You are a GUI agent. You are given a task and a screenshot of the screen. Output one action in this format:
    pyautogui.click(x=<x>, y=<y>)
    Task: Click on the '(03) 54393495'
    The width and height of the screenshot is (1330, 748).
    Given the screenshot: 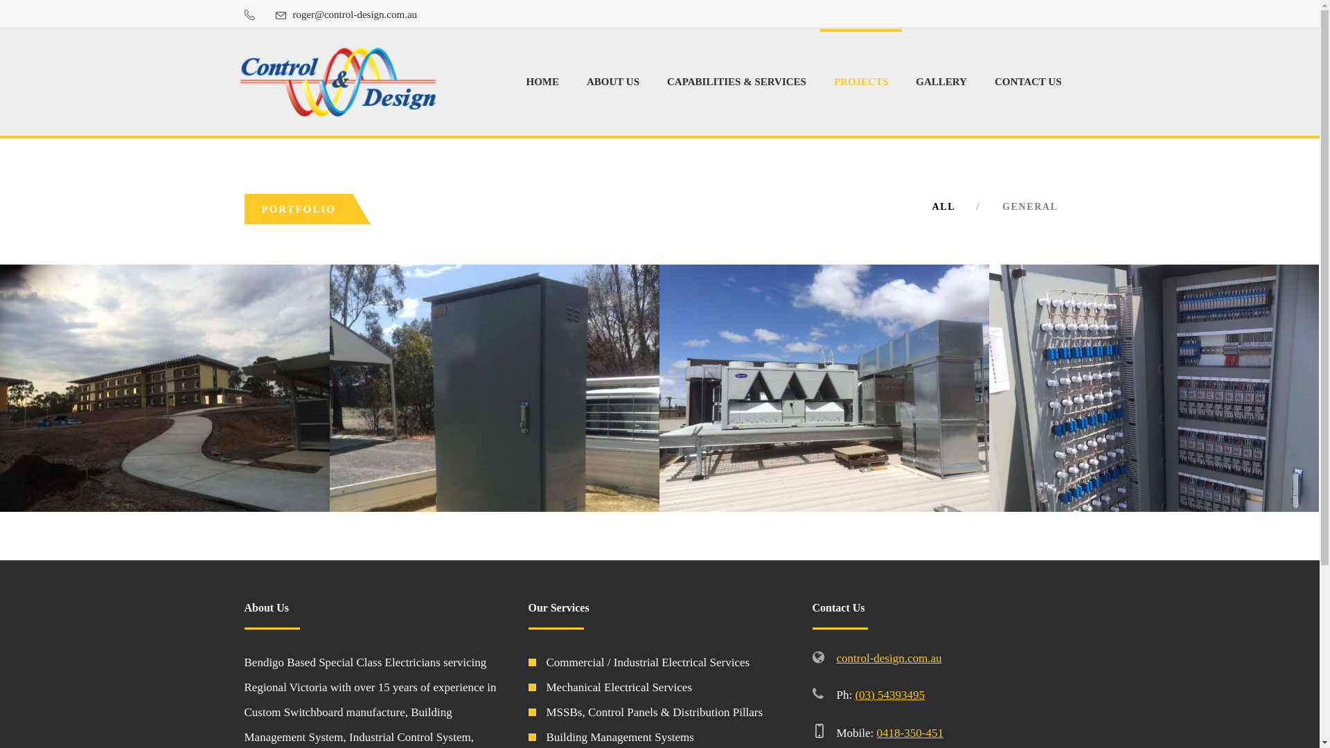 What is the action you would take?
    pyautogui.click(x=889, y=695)
    